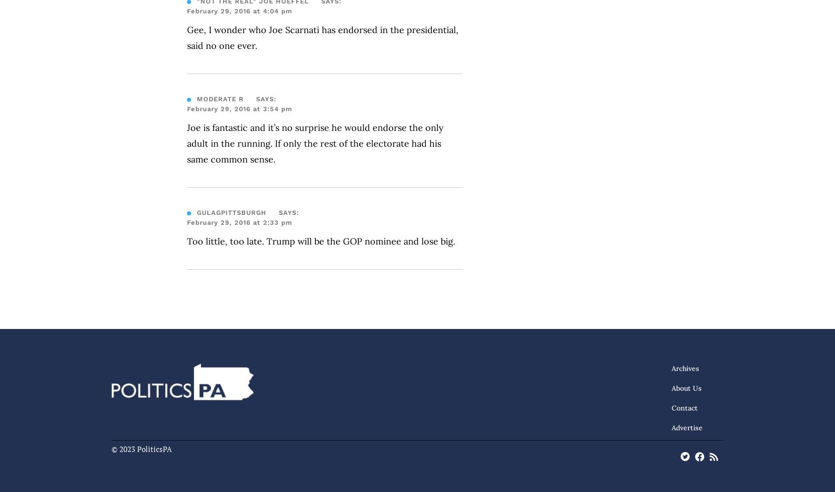 The height and width of the screenshot is (492, 835). Describe the element at coordinates (686, 428) in the screenshot. I see `'Advertise'` at that location.